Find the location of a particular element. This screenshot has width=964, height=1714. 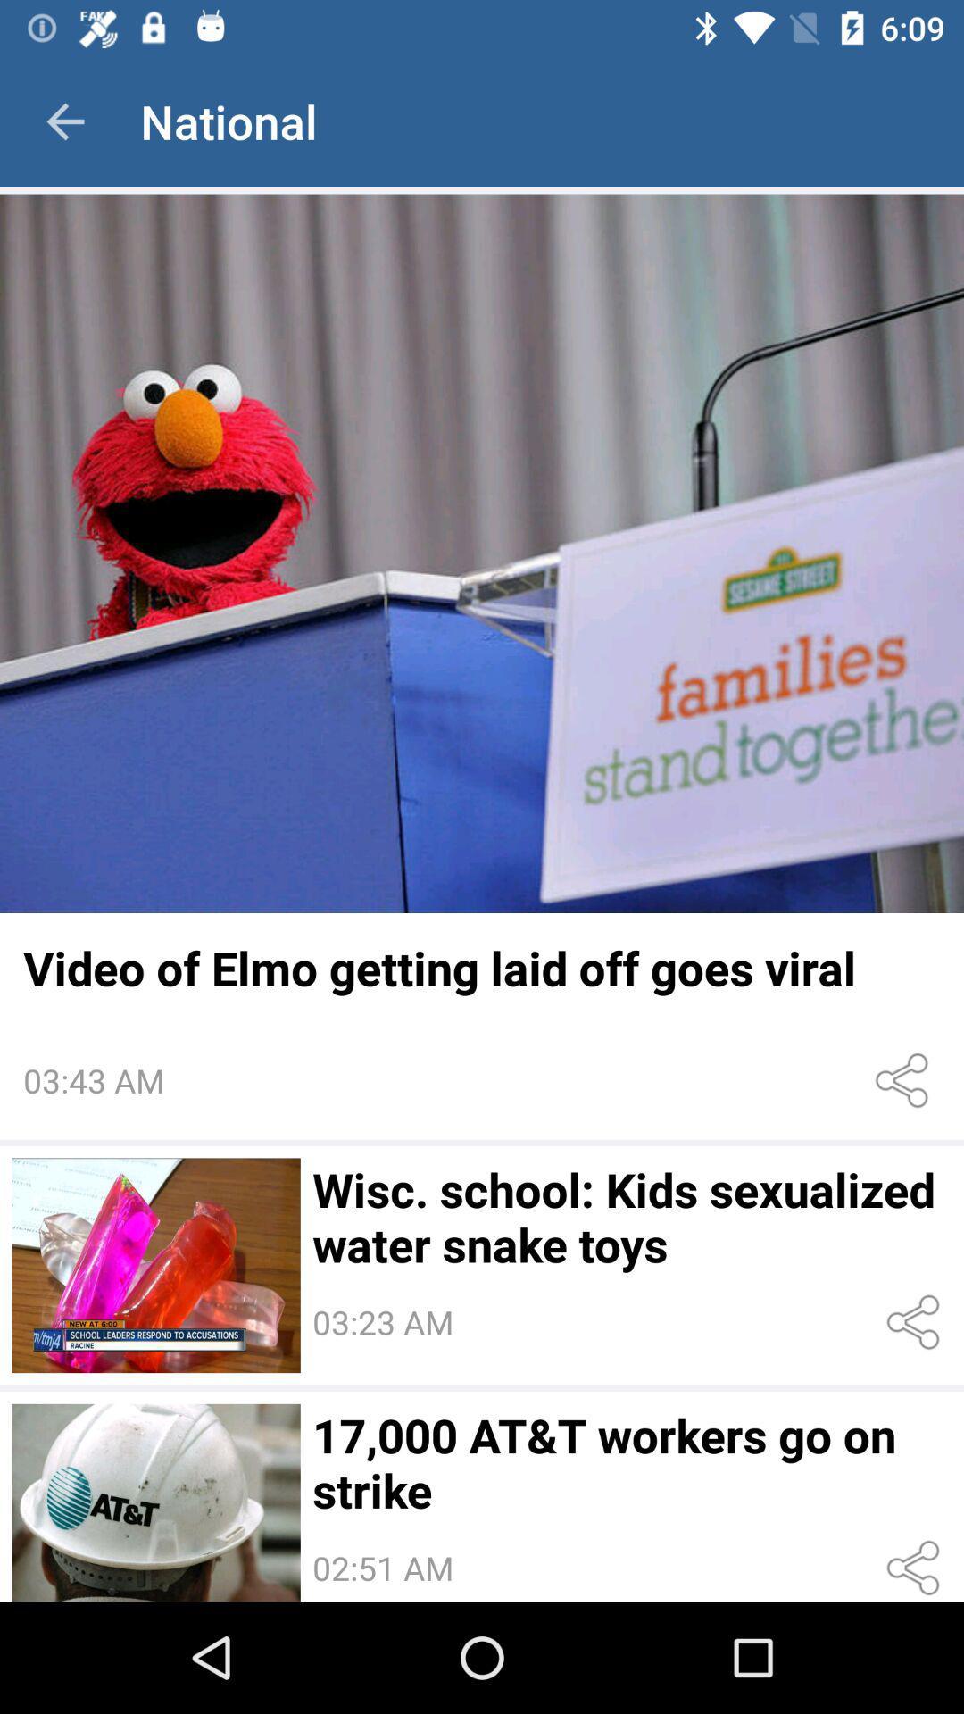

share this post is located at coordinates (917, 1322).